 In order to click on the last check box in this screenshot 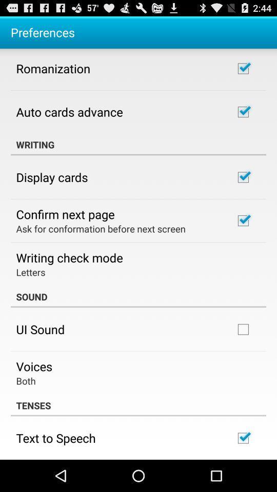, I will do `click(243, 437)`.